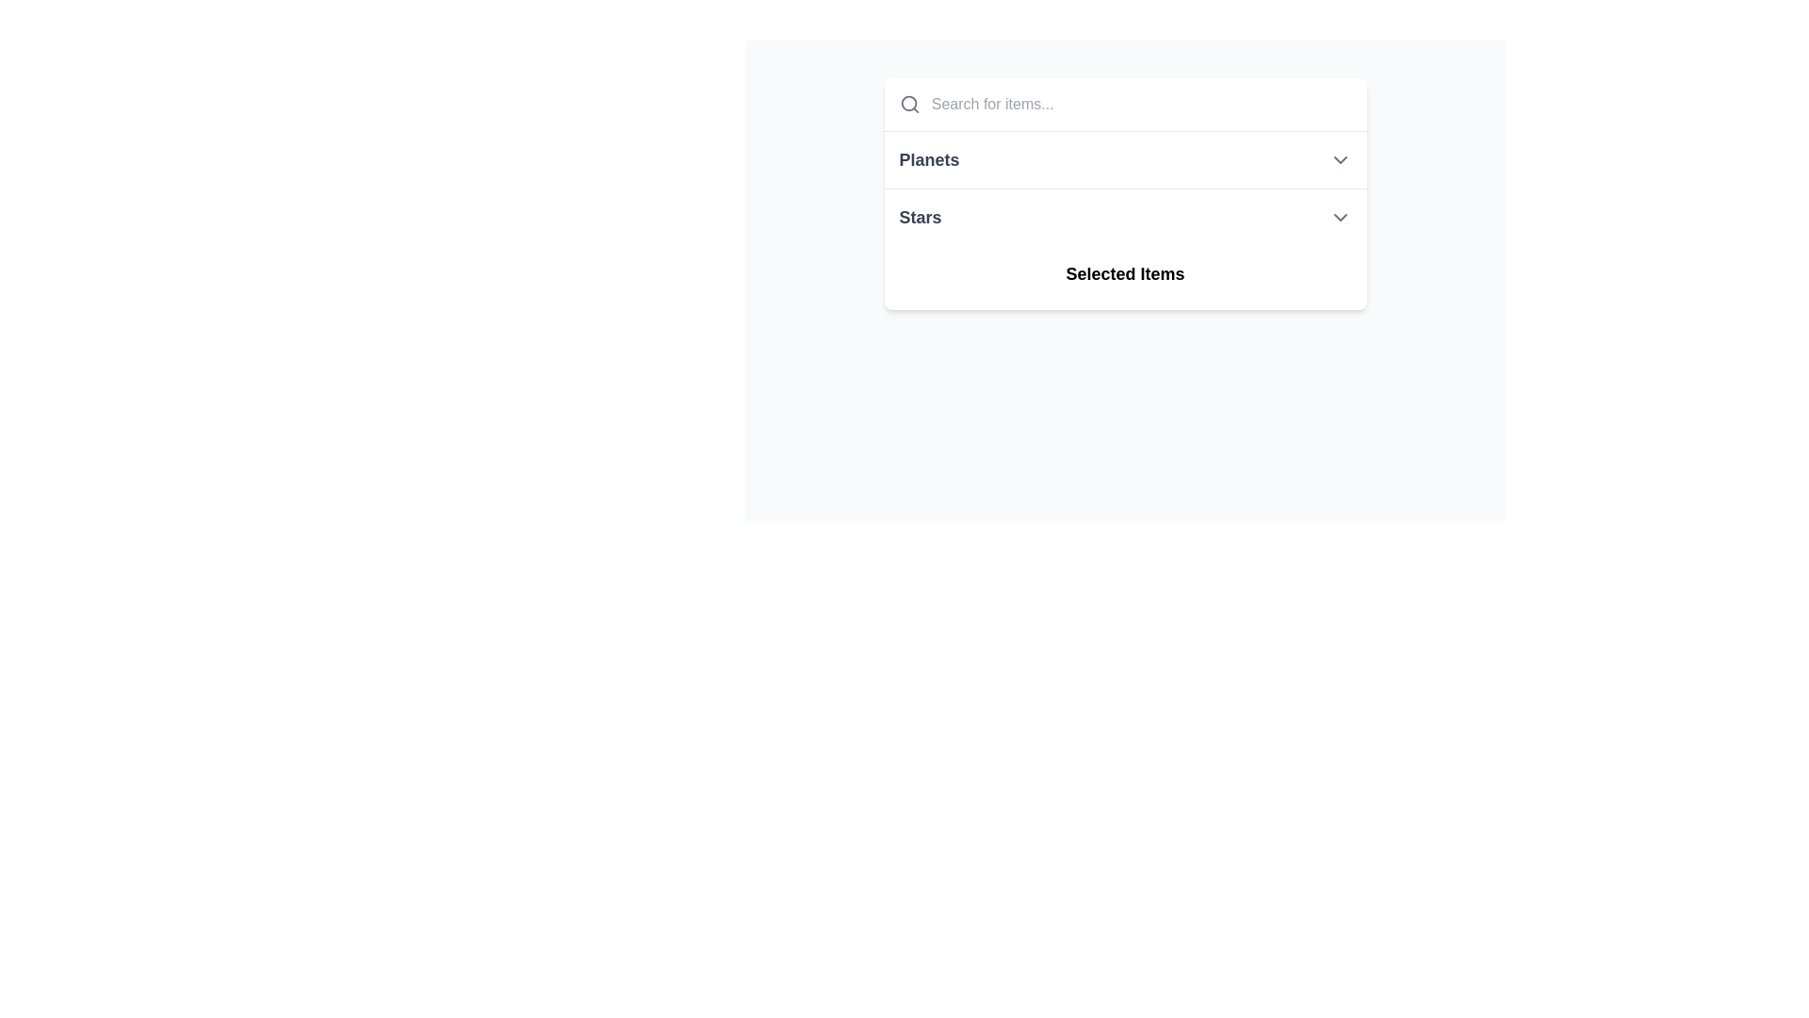  Describe the element at coordinates (1125, 273) in the screenshot. I see `the 'Selected Items' label which is a large, bold text displayed on a white background, located in the lower portion of a dropdown section` at that location.